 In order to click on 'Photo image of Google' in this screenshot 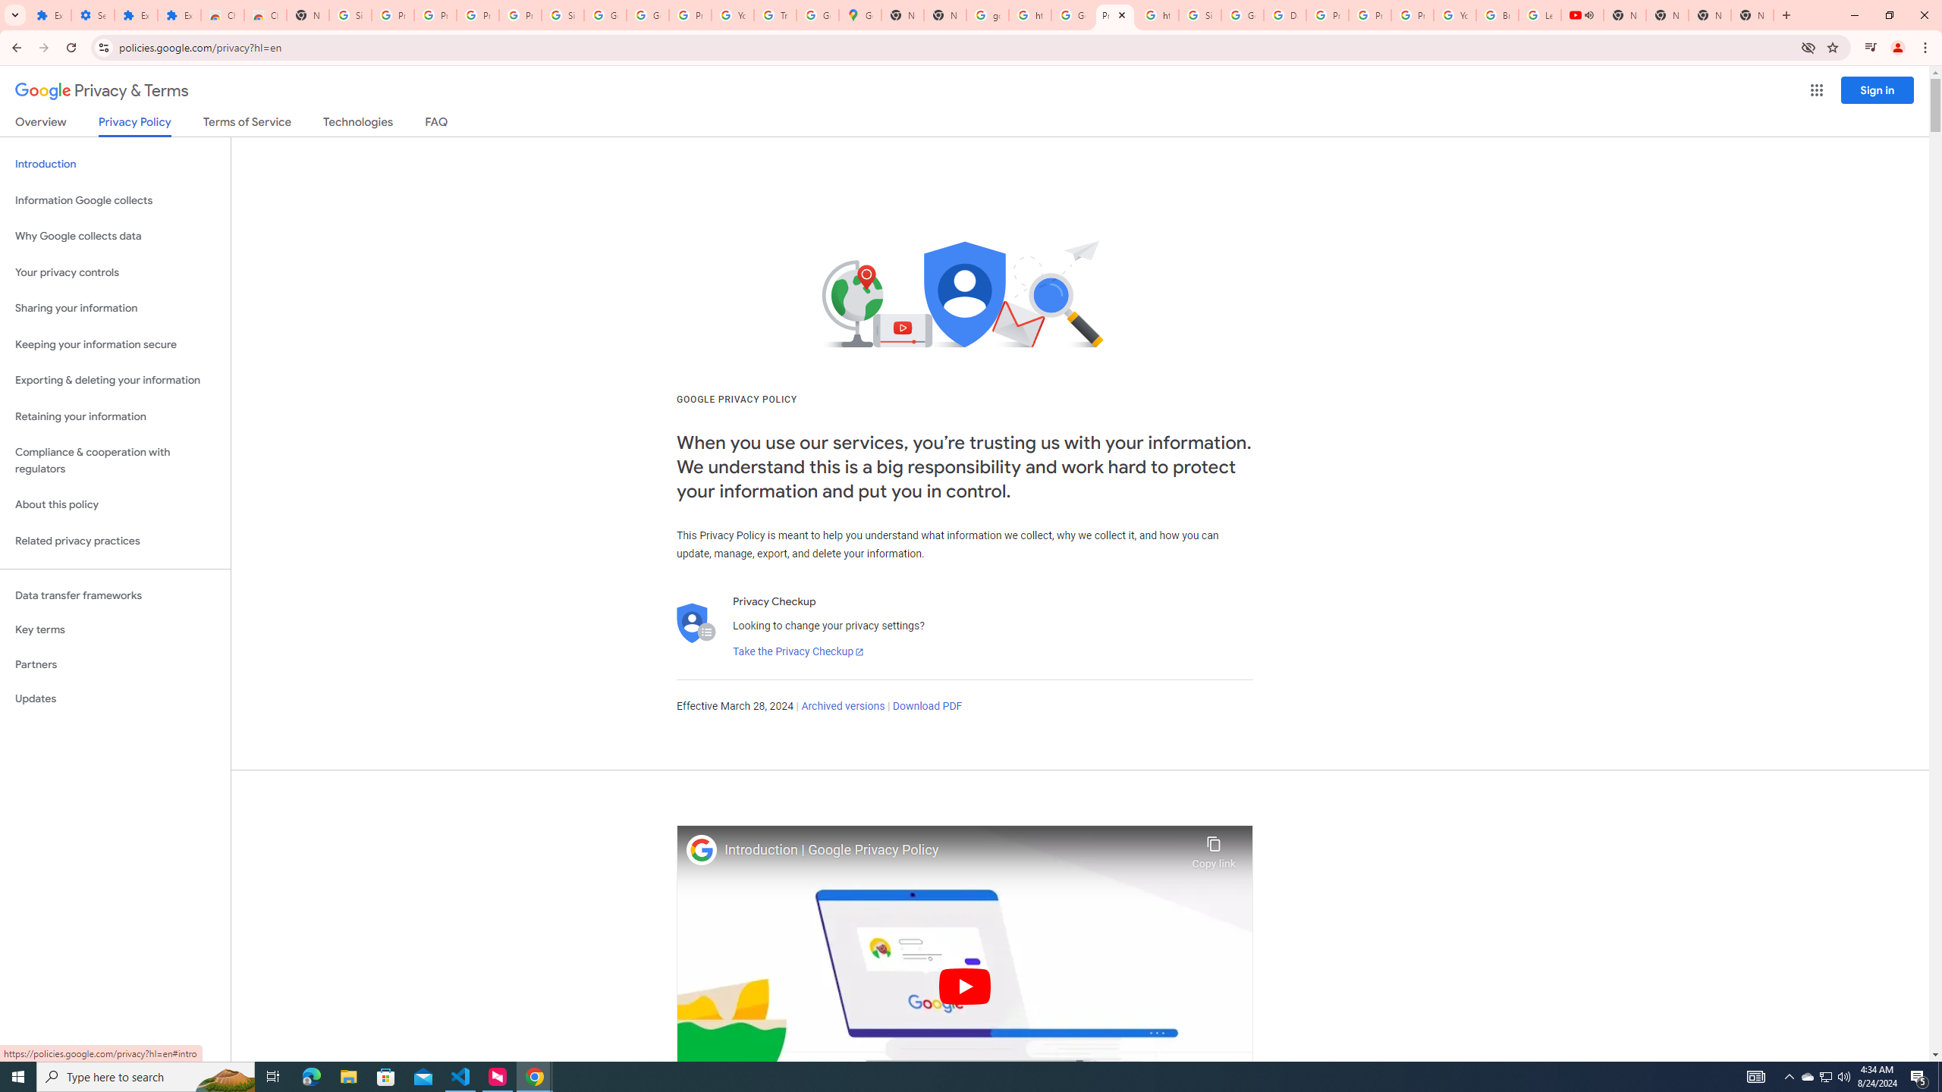, I will do `click(702, 849)`.